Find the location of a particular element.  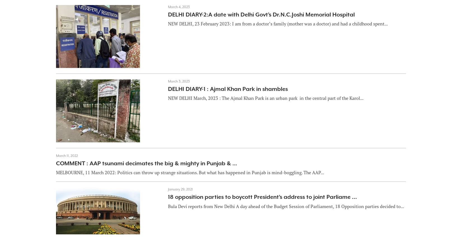

'Bula Devi reports from New Delhi A day ahead of the Budget Session of Parliament, 18 Opposition parties decided to...' is located at coordinates (286, 206).